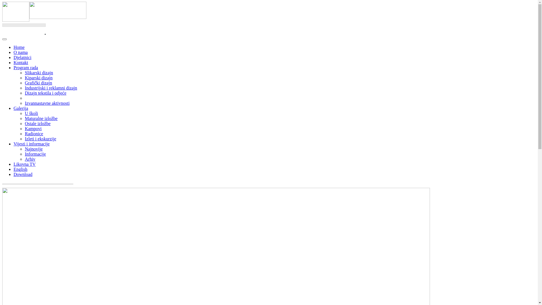  I want to click on 'Arhiv', so click(24, 159).